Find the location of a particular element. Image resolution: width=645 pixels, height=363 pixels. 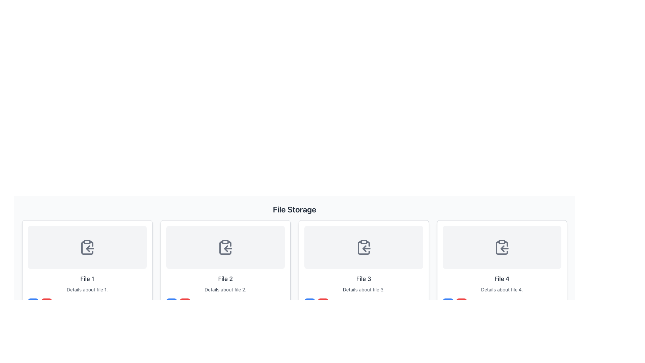

the red delete button with a trash bin icon located below 'File 4' to trigger potential hover effects is located at coordinates (461, 304).